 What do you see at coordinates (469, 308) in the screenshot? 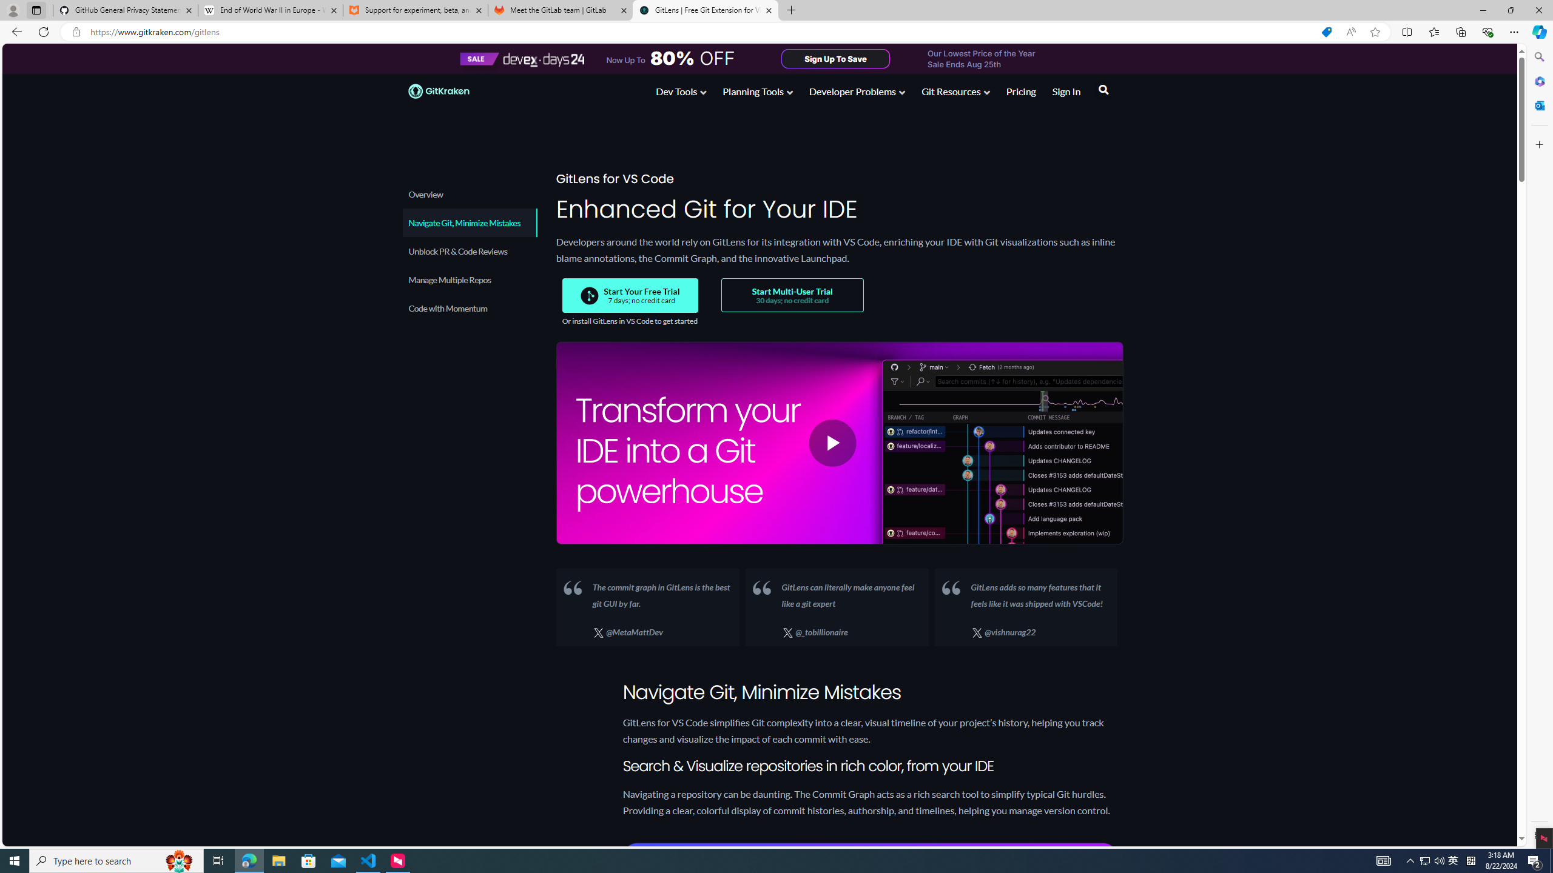
I see `'Code with Momentum'` at bounding box center [469, 308].